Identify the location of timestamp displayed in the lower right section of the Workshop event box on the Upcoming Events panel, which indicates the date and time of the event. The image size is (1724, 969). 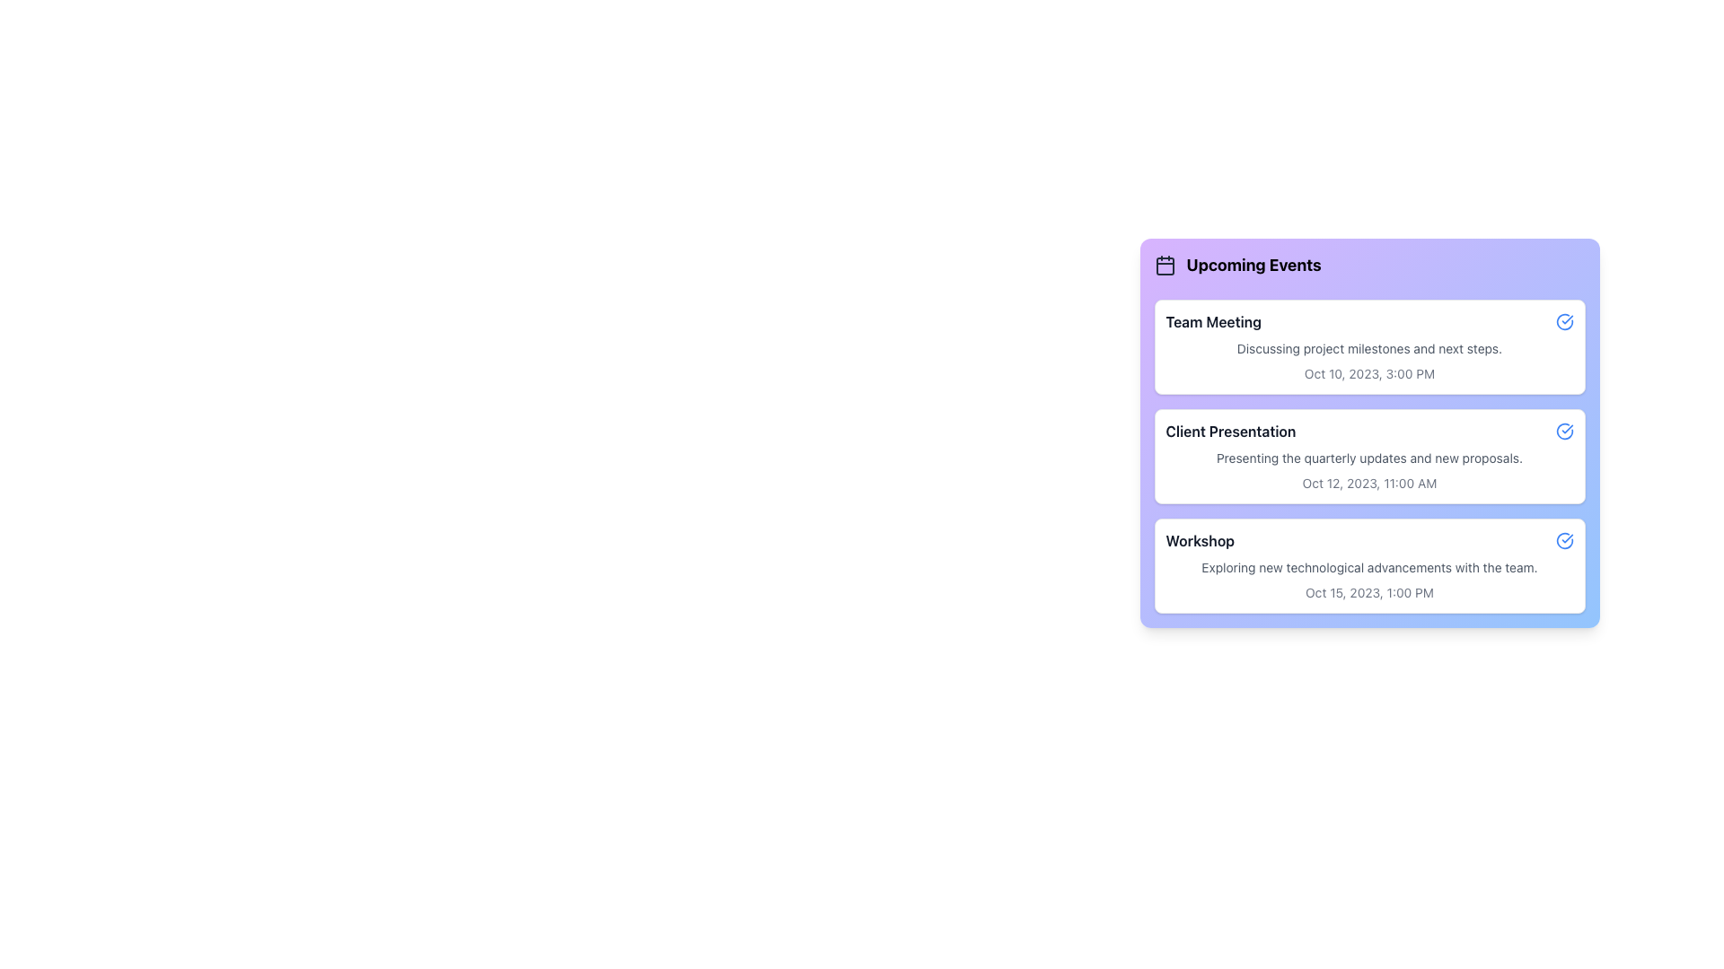
(1368, 592).